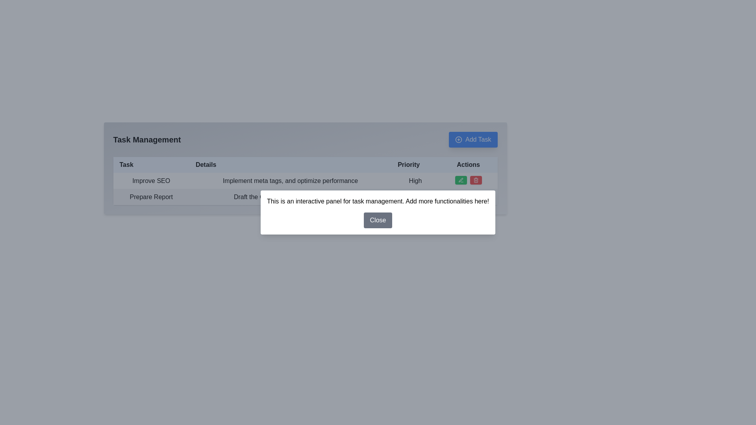 The image size is (756, 425). Describe the element at coordinates (151, 181) in the screenshot. I see `the 'Improve SEO' text label located under the 'Task' column in the table interface` at that location.